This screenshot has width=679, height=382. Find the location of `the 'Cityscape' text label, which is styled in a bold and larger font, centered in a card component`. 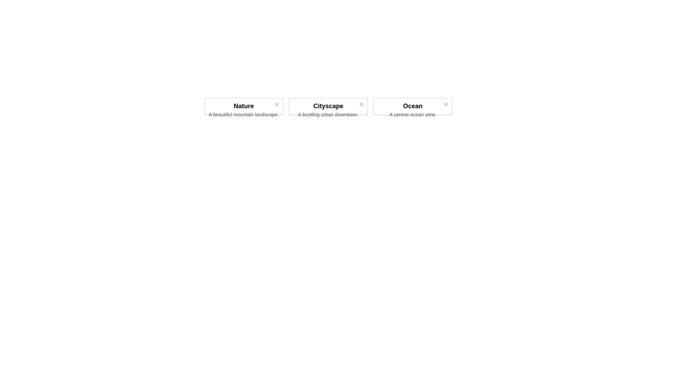

the 'Cityscape' text label, which is styled in a bold and larger font, centered in a card component is located at coordinates (328, 106).